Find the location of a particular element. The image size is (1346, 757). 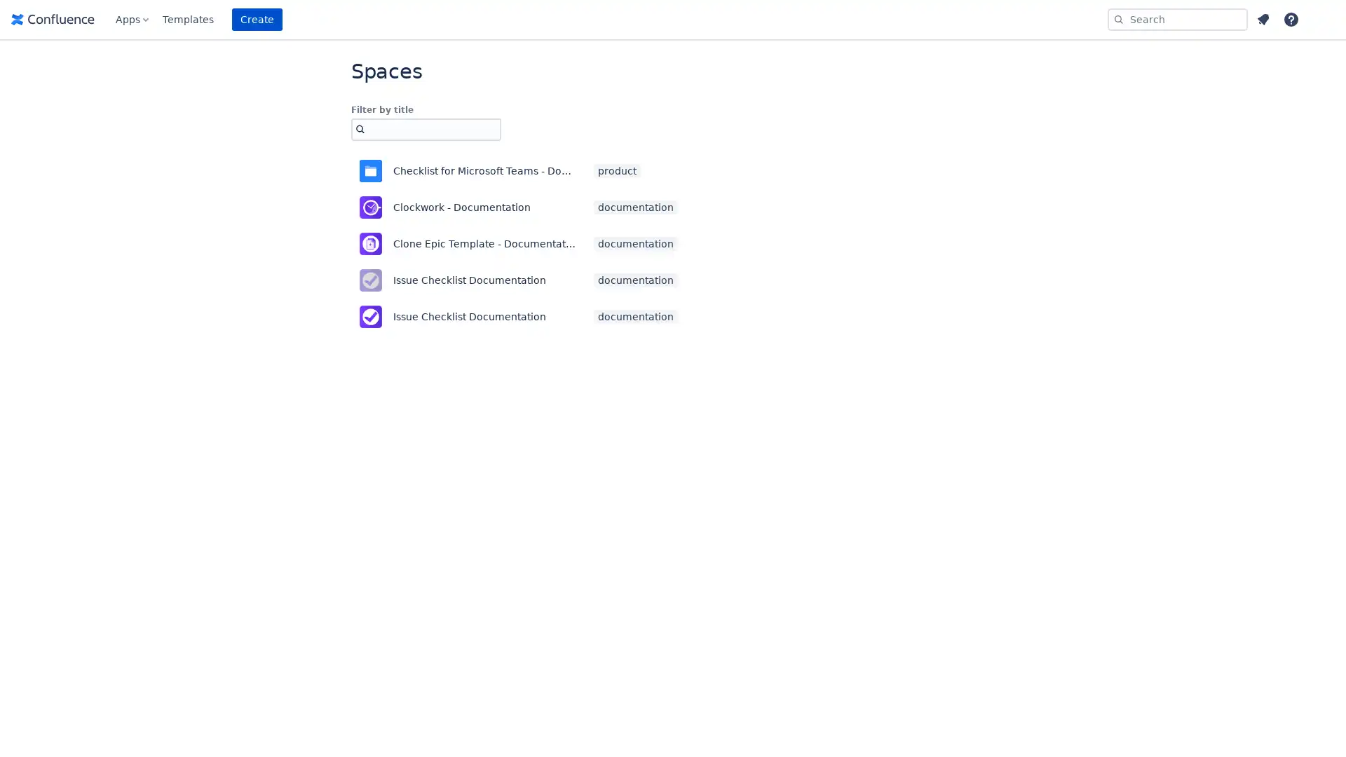

product is located at coordinates (617, 170).